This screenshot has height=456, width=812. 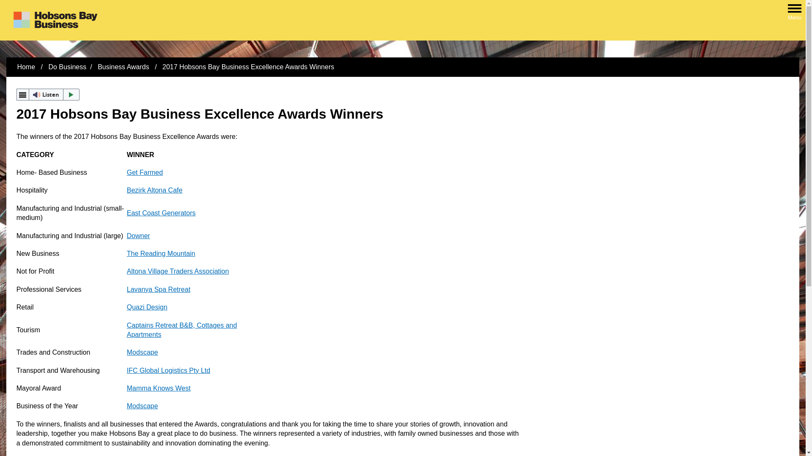 What do you see at coordinates (55, 19) in the screenshot?
I see `'Home - Hobsons Bay City Council - Logo'` at bounding box center [55, 19].